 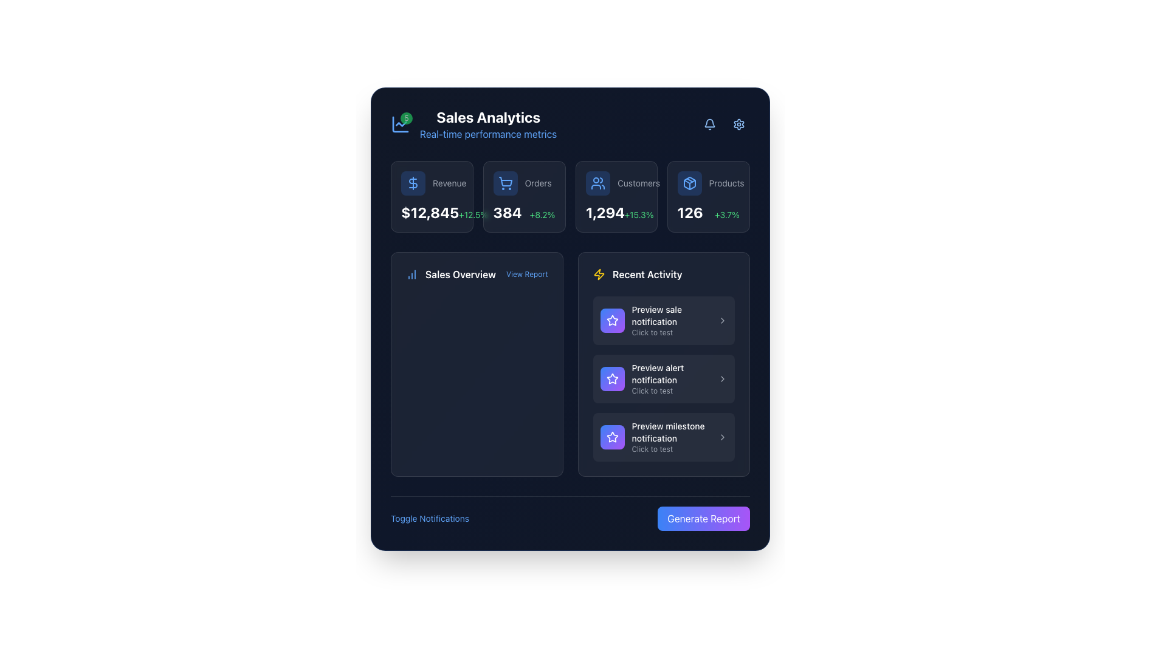 What do you see at coordinates (670, 437) in the screenshot?
I see `the Informational Text Section titled 'Preview milestone notification' with subtext 'Click to test', located in the last card of the 'Recent Activity' column` at bounding box center [670, 437].